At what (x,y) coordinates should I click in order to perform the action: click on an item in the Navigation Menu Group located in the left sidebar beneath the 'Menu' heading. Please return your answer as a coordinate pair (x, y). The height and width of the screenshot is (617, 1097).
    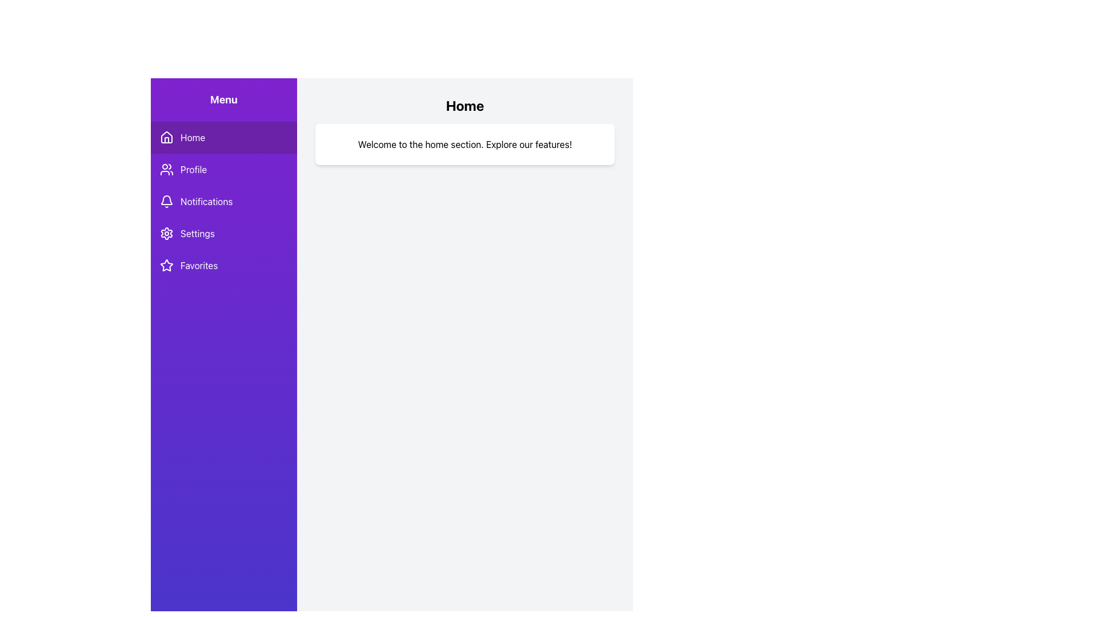
    Looking at the image, I should click on (224, 201).